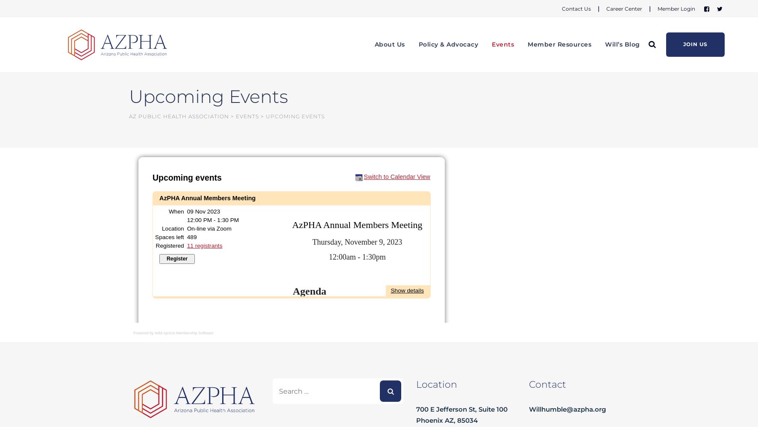 The height and width of the screenshot is (427, 758). What do you see at coordinates (624, 9) in the screenshot?
I see `'Career Center'` at bounding box center [624, 9].